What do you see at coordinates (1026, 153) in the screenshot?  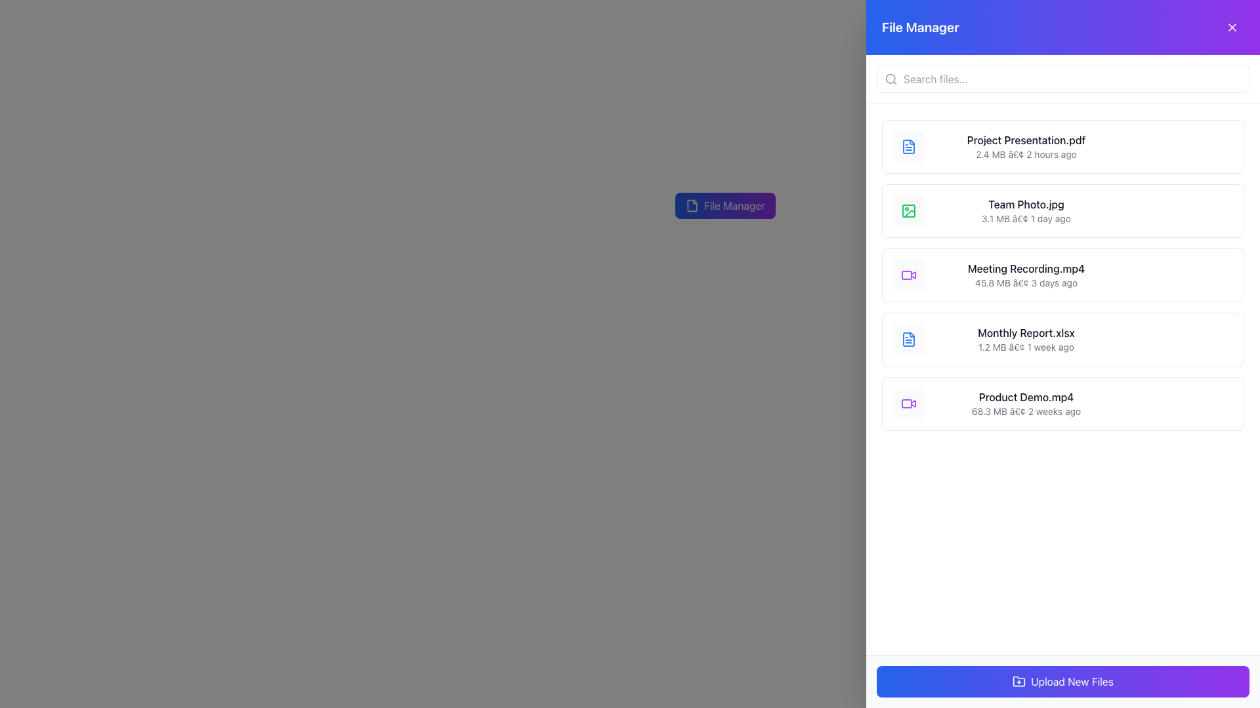 I see `the text label displaying file details, which reads '2.4 MB â€¢ 2 hours ago', located directly below the title 'Project Presentation.pdf'` at bounding box center [1026, 153].